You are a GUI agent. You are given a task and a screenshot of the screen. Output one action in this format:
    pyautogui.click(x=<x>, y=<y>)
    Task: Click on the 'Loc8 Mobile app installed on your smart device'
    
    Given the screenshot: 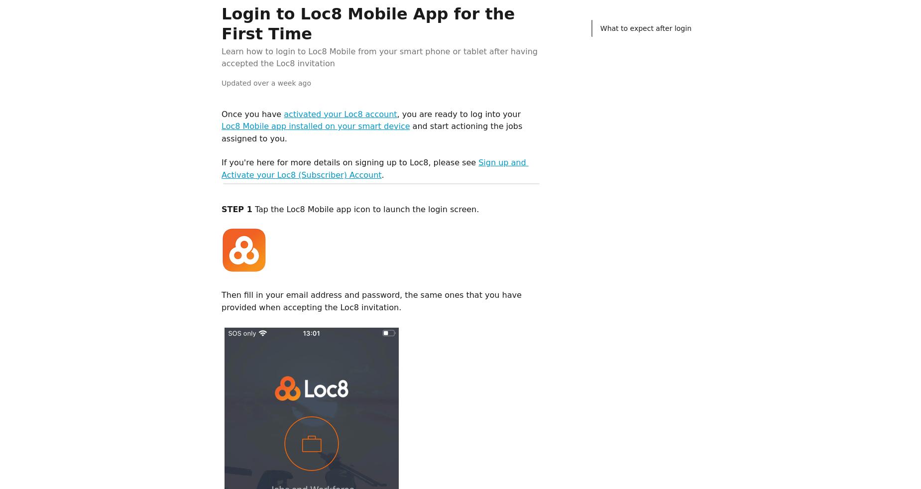 What is the action you would take?
    pyautogui.click(x=221, y=126)
    